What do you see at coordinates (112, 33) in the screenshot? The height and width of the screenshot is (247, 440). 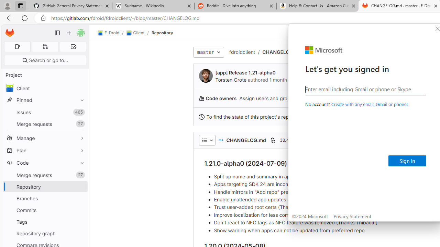 I see `'F-Droid/'` at bounding box center [112, 33].